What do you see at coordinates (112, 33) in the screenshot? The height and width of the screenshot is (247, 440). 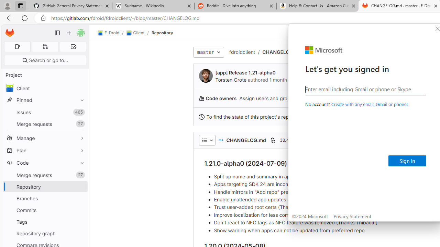 I see `'F-Droid/'` at bounding box center [112, 33].